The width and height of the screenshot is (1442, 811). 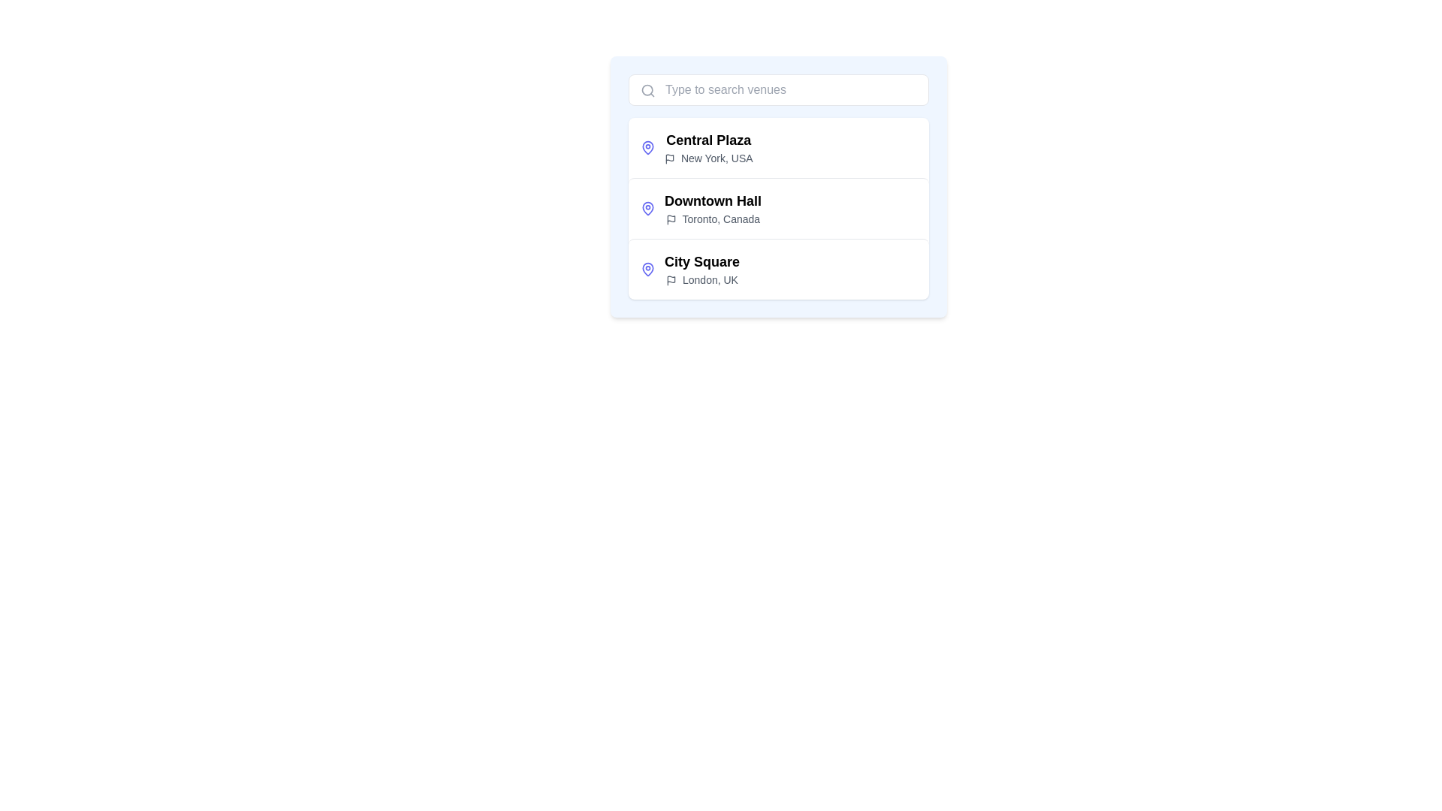 What do you see at coordinates (648, 268) in the screenshot?
I see `the blue map pin icon representing 'City Square, London, UK', which is positioned to the left of the text components` at bounding box center [648, 268].